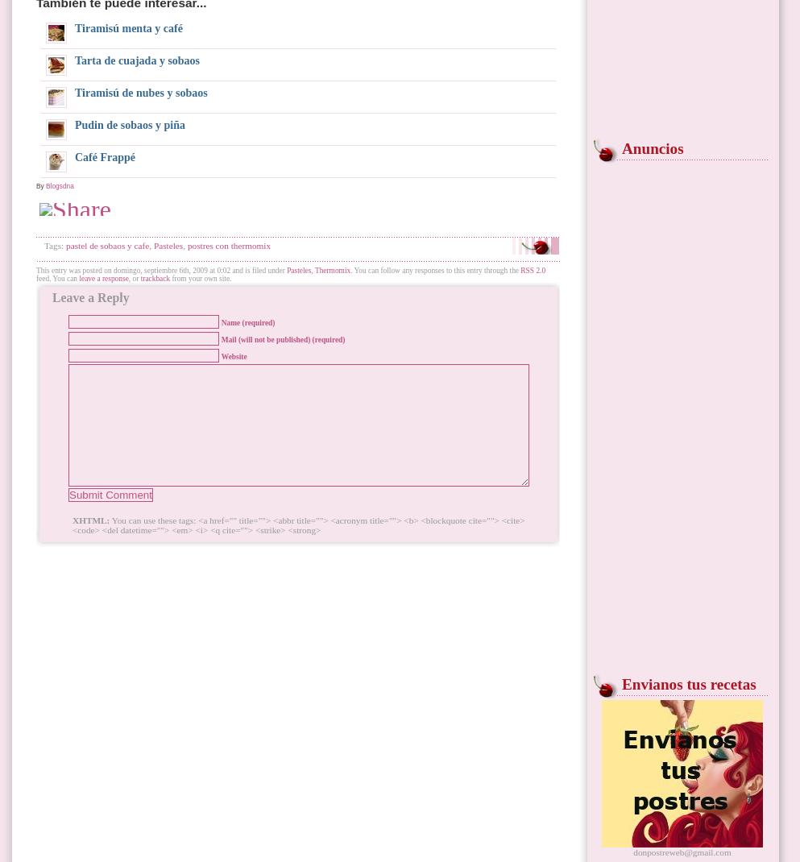  What do you see at coordinates (133, 279) in the screenshot?
I see `', or'` at bounding box center [133, 279].